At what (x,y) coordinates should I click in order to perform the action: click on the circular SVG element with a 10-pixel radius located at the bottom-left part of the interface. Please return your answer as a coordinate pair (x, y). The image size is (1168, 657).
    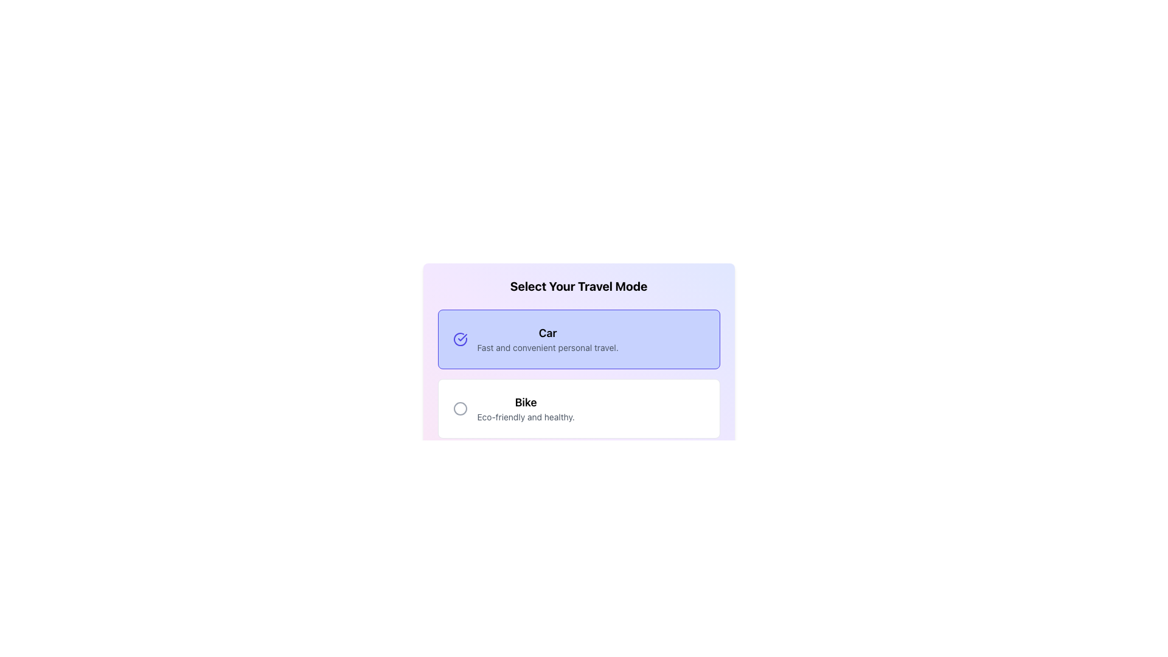
    Looking at the image, I should click on (459, 478).